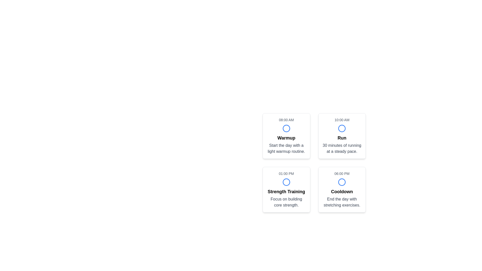  I want to click on the informational text label that displays the time associated with the 'Run' activity, located at the top of the second card in a grid layout of four cards, so click(342, 120).